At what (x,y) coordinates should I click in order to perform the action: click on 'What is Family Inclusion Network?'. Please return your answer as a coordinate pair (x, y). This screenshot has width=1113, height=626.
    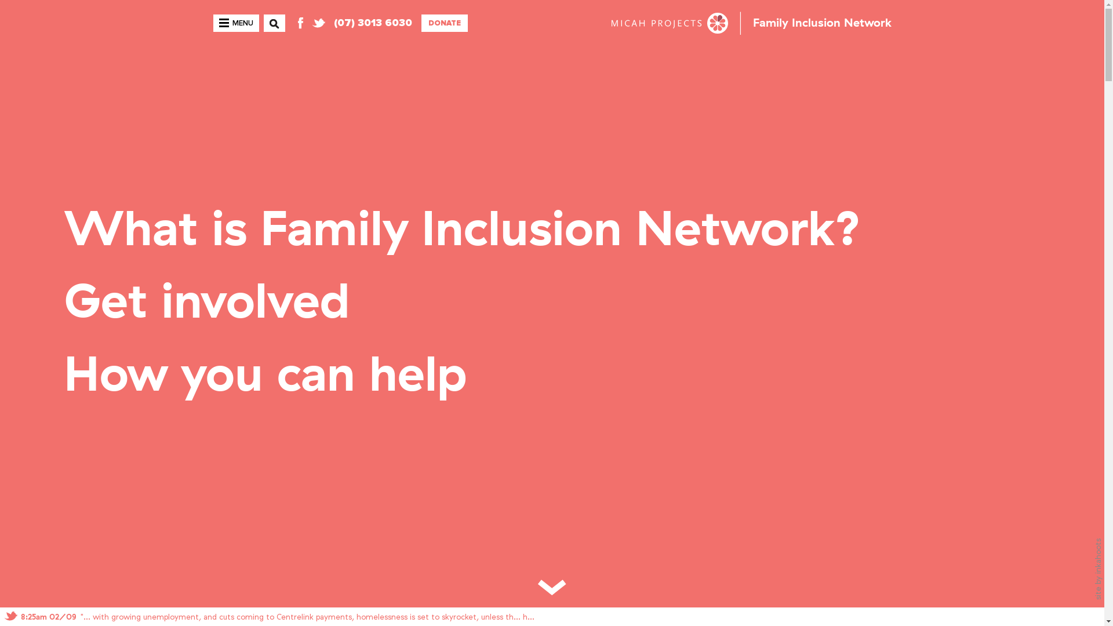
    Looking at the image, I should click on (462, 230).